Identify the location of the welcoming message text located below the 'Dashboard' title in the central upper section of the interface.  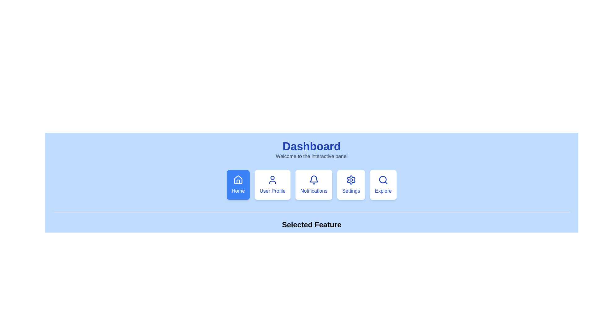
(312, 156).